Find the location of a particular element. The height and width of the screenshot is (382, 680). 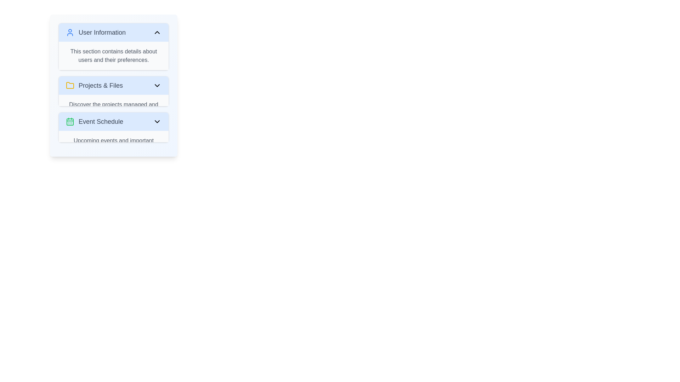

the Collapsible panel section is located at coordinates (114, 127).